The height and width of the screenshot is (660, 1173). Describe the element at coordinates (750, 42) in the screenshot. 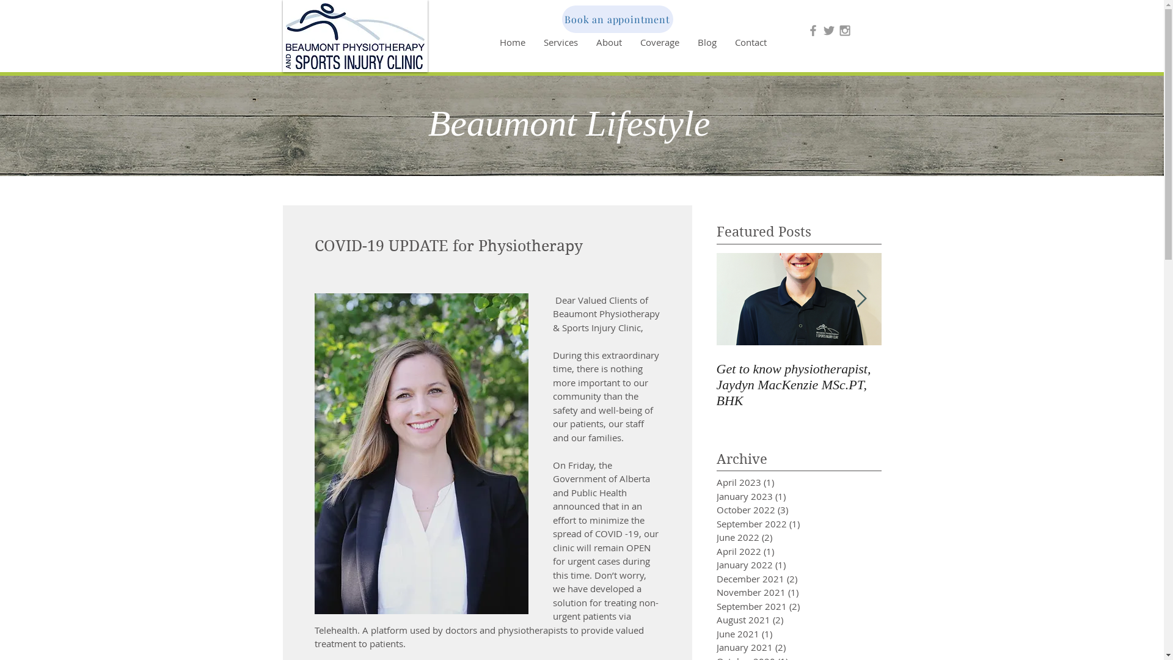

I see `'Contact'` at that location.